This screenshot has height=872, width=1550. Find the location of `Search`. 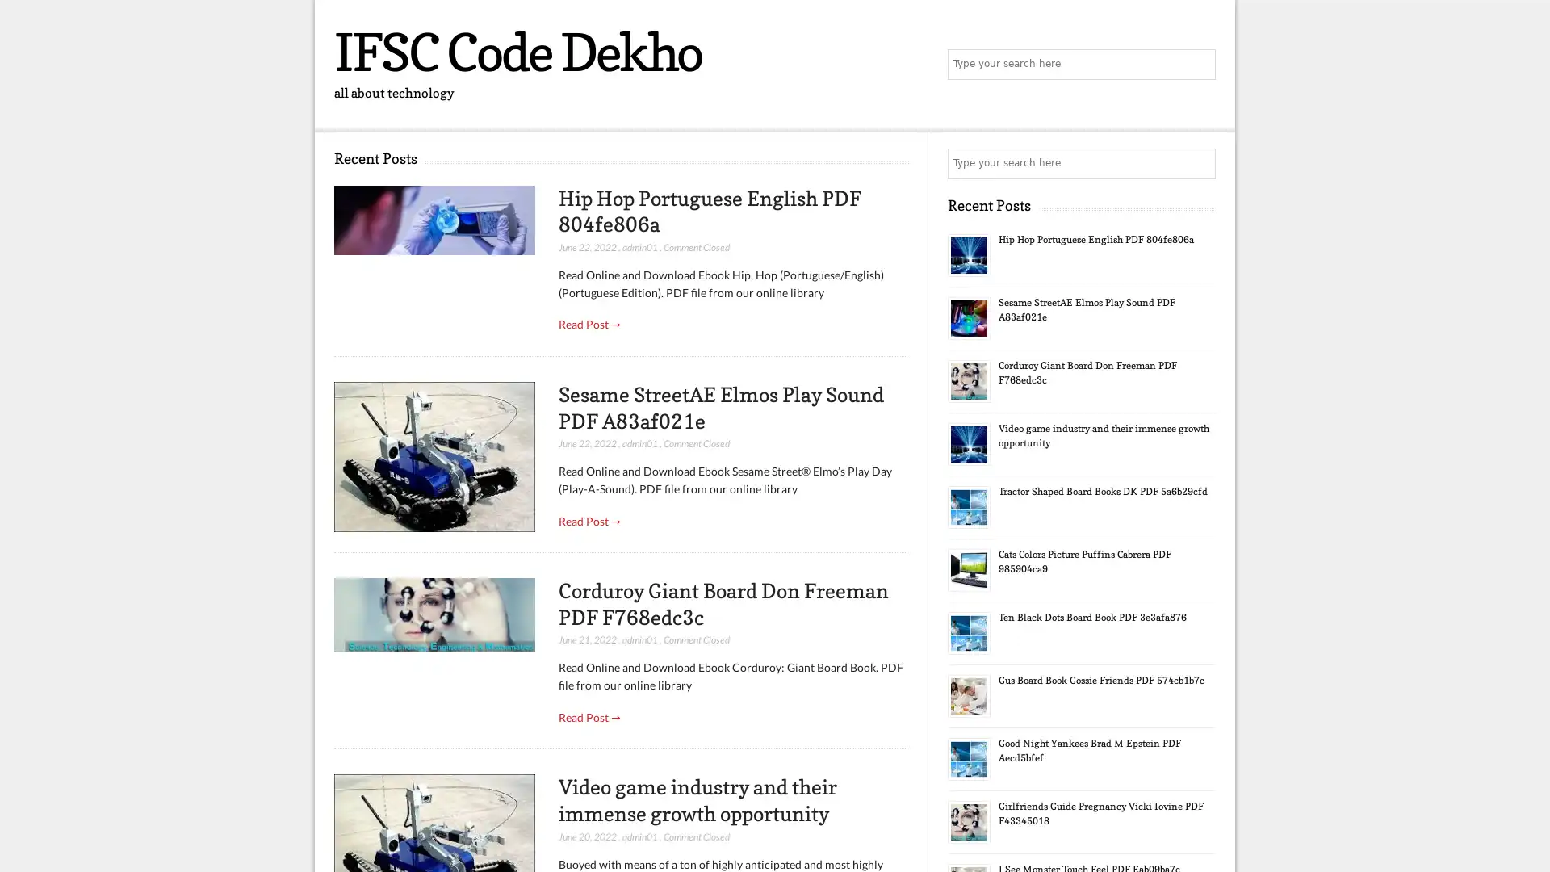

Search is located at coordinates (1199, 65).